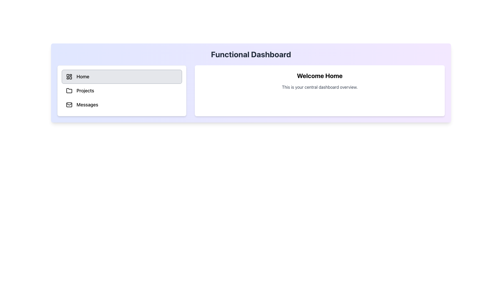  What do you see at coordinates (320, 75) in the screenshot?
I see `the bold text 'Welcome Home', which is styled in a large font size and aligned to the right, located at the top of the second column under 'Functional Dashboard'` at bounding box center [320, 75].